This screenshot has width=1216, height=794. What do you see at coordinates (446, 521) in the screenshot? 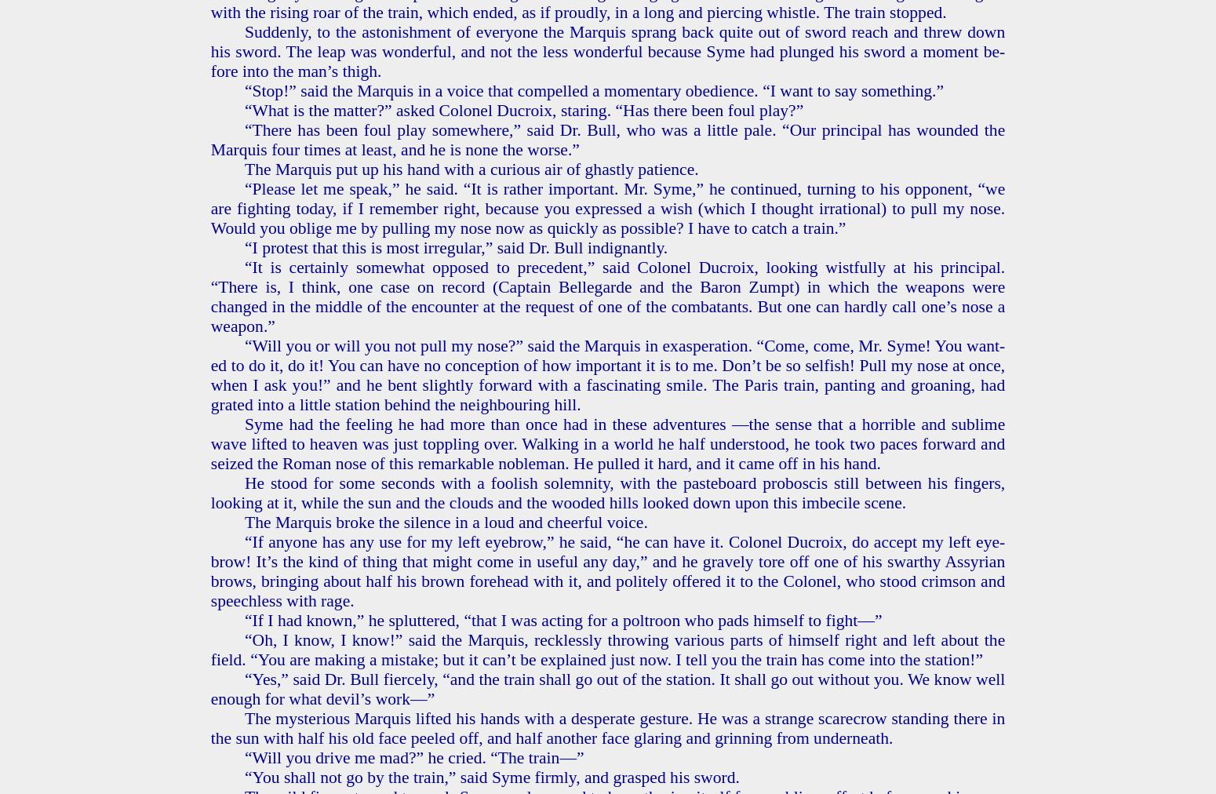
I see `'The Mar­quis broke the si­lence in a loud and cheer­ful voice.'` at bounding box center [446, 521].